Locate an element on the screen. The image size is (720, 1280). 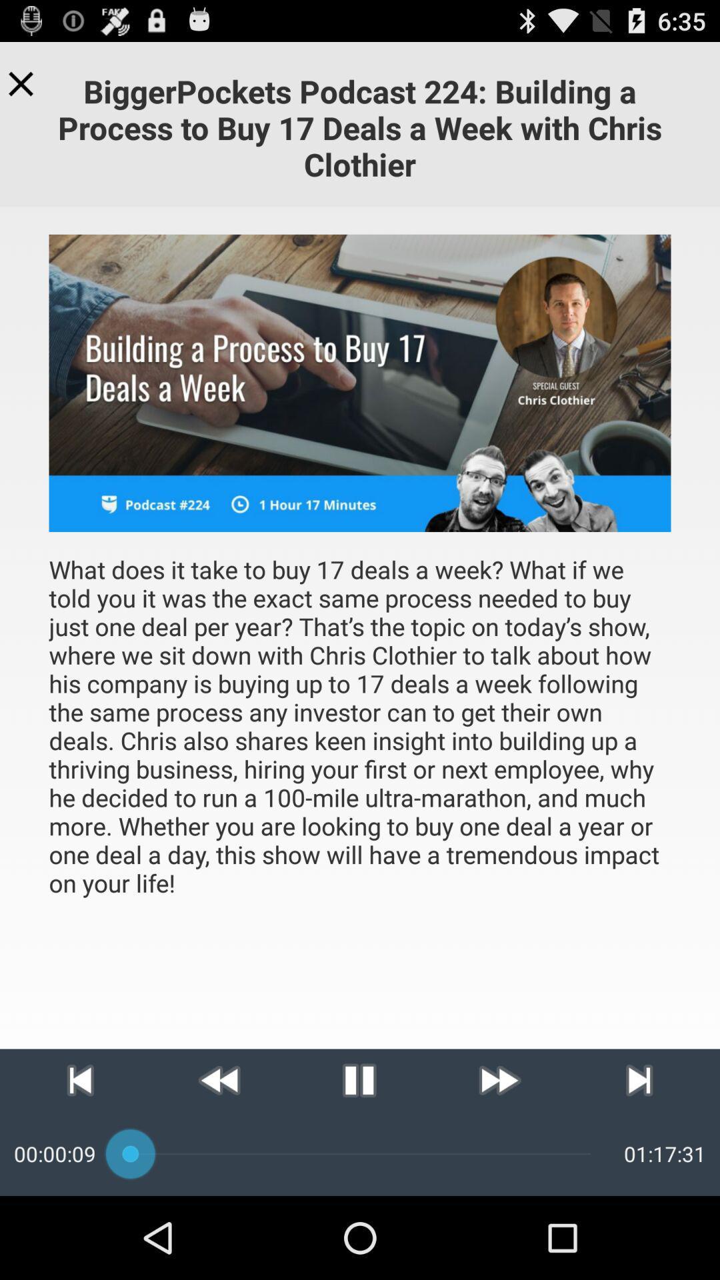
the pause icon is located at coordinates (359, 1155).